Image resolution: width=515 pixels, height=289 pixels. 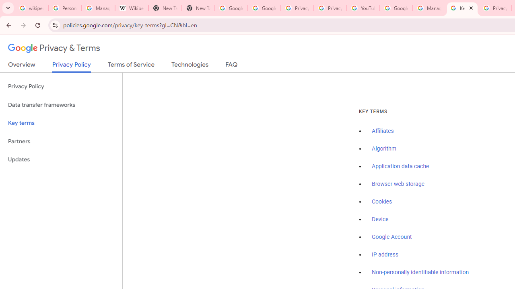 What do you see at coordinates (190, 66) in the screenshot?
I see `'Technologies'` at bounding box center [190, 66].